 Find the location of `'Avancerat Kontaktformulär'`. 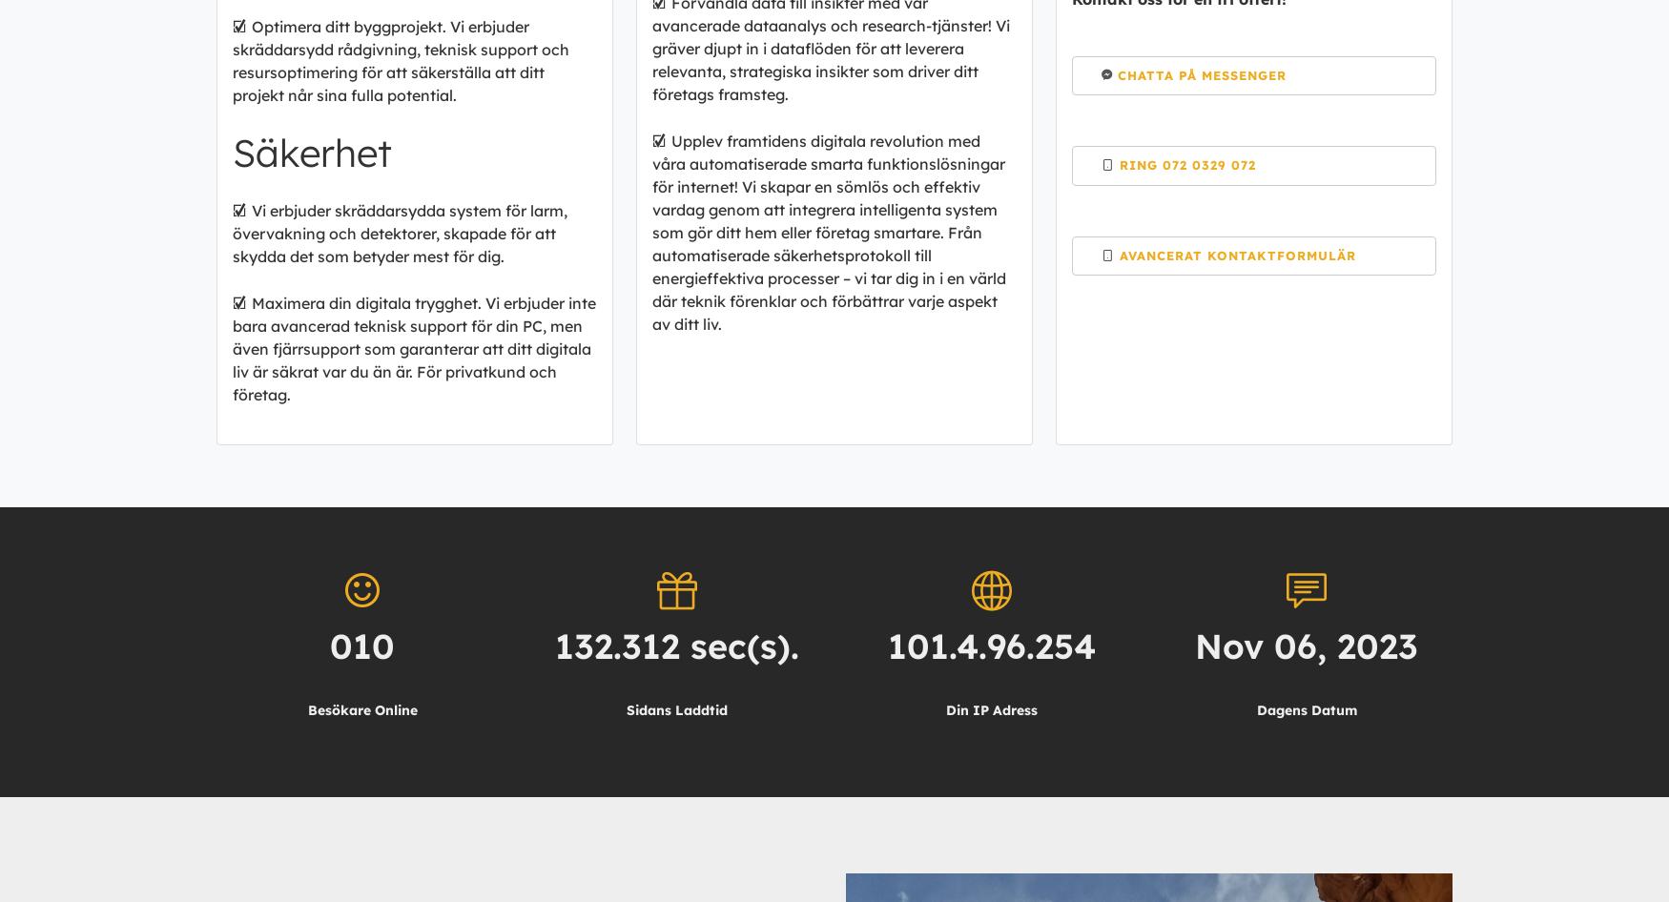

'Avancerat Kontaktformulär' is located at coordinates (1236, 253).